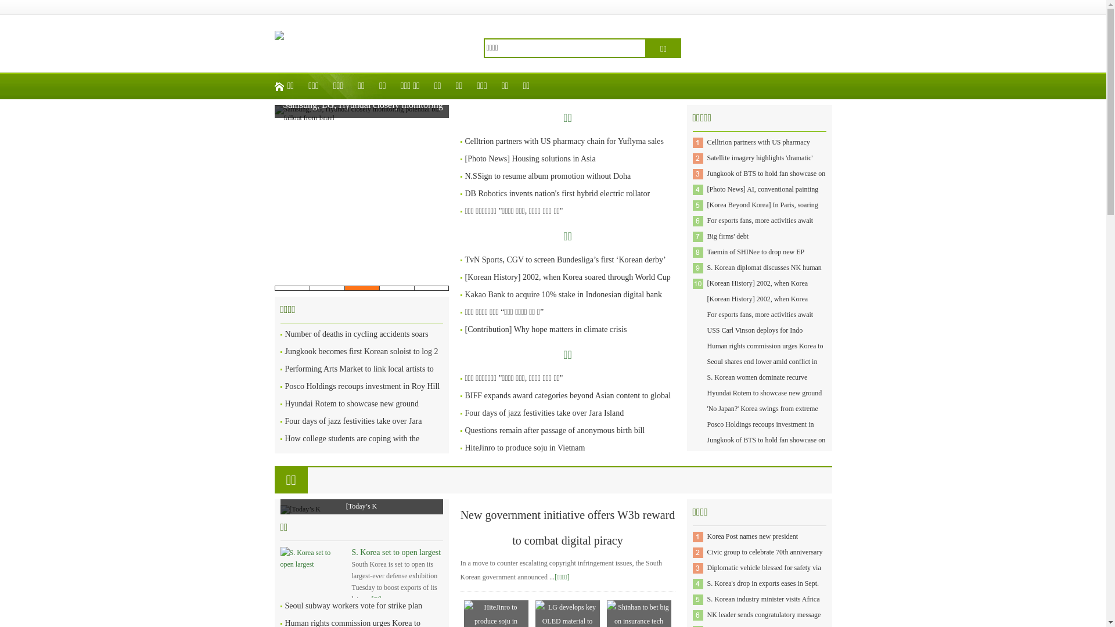 The height and width of the screenshot is (627, 1115). What do you see at coordinates (707, 236) in the screenshot?
I see `'Big firms' debt'` at bounding box center [707, 236].